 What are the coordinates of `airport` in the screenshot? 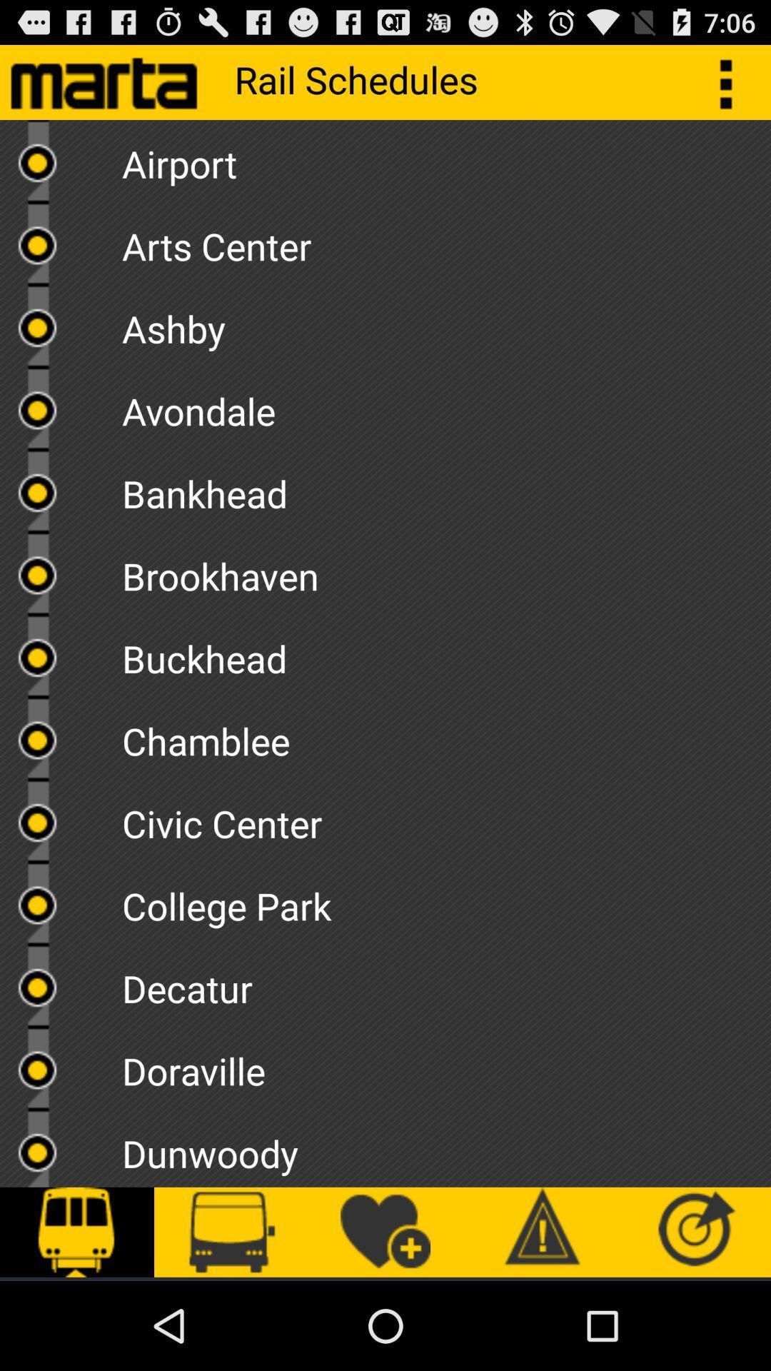 It's located at (445, 159).